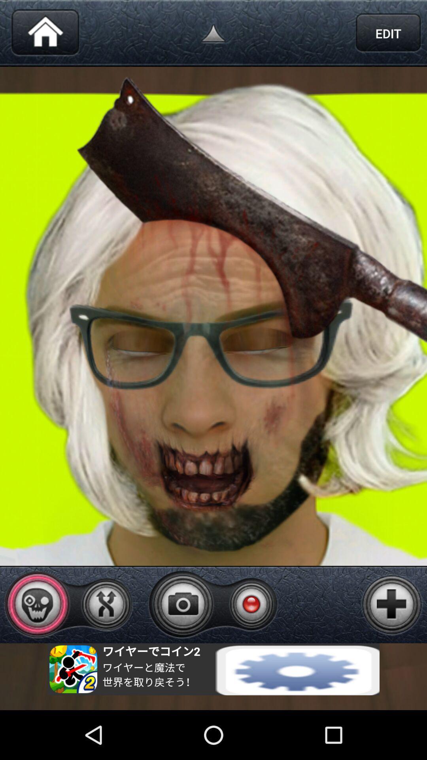  I want to click on the arrow_upward icon, so click(213, 35).